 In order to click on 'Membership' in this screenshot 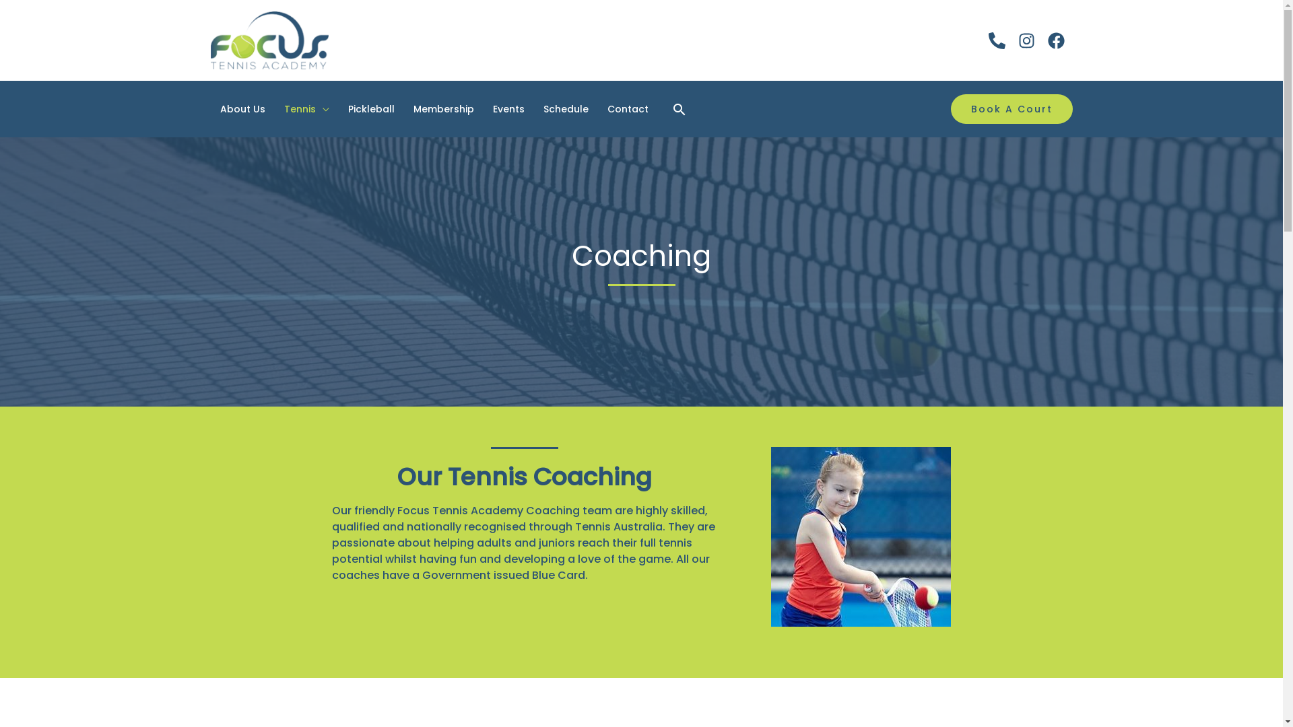, I will do `click(443, 108)`.